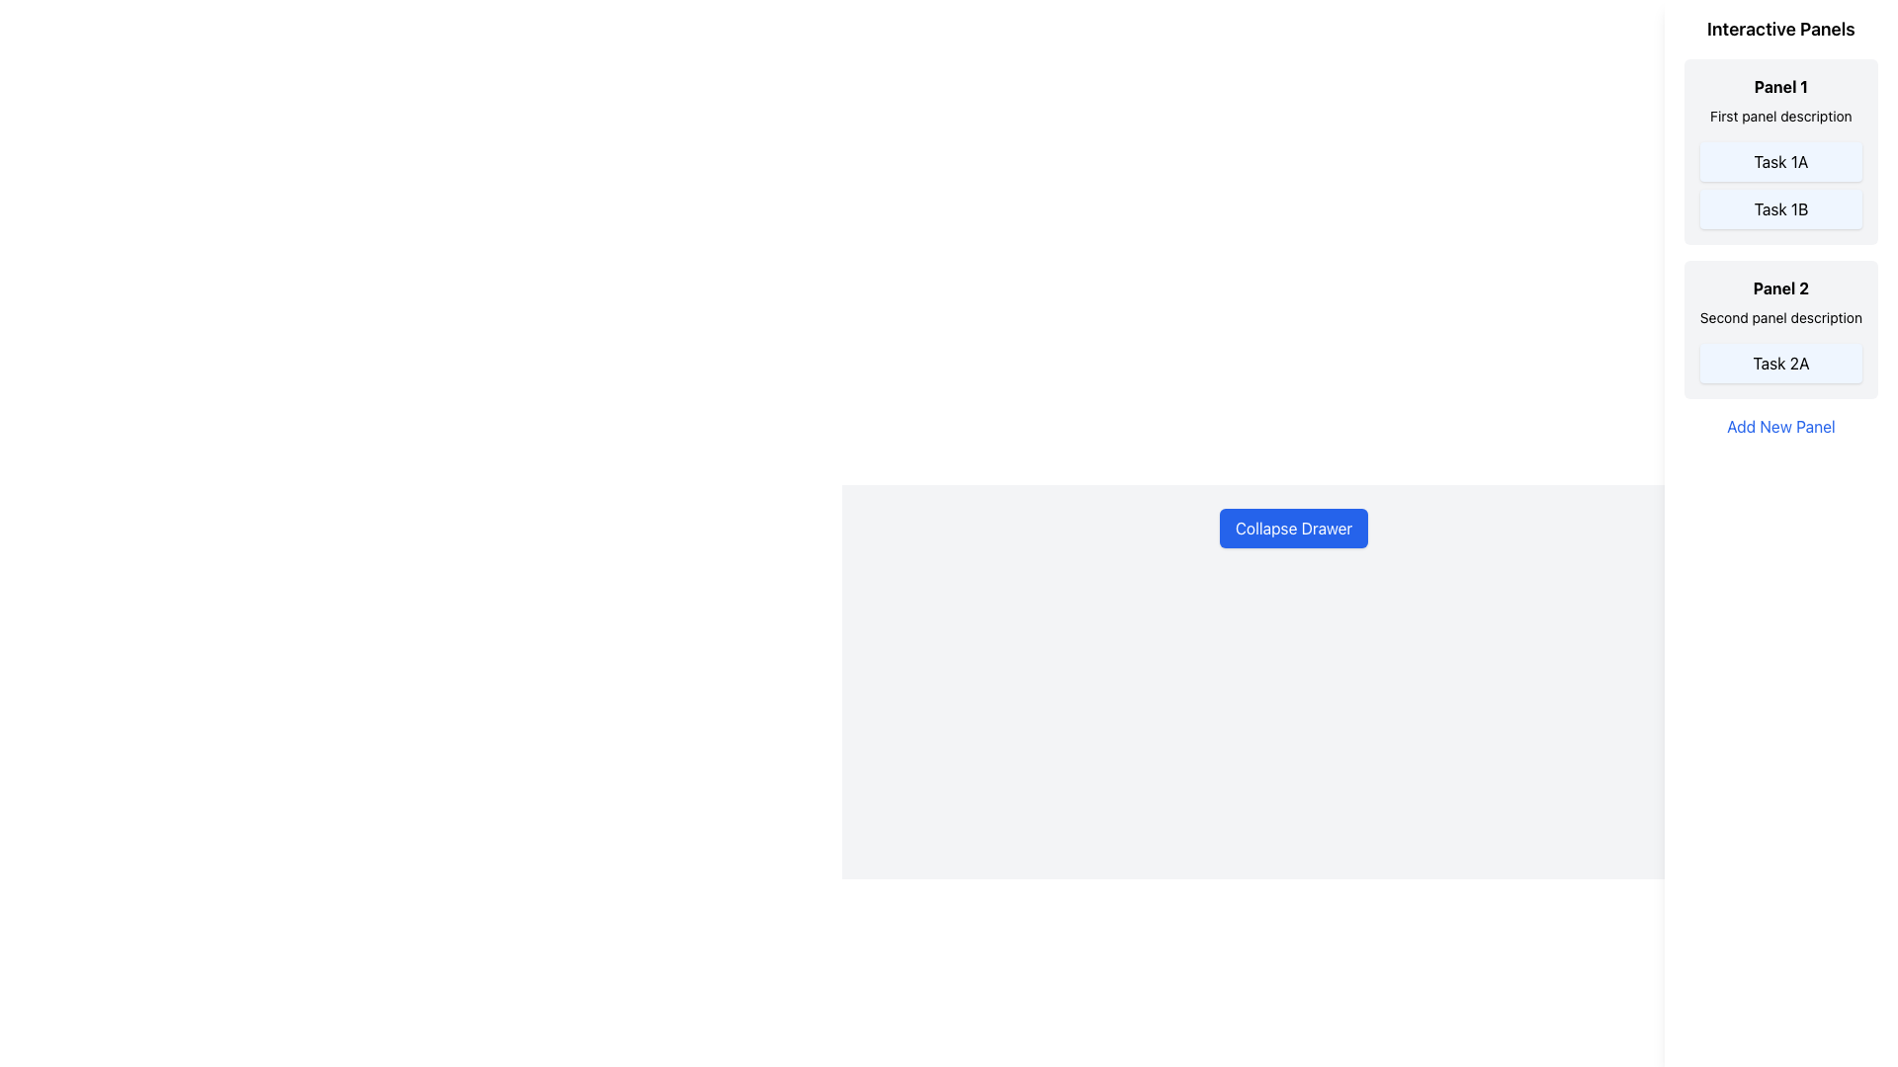  Describe the element at coordinates (1293, 528) in the screenshot. I see `the blue rectangular button labeled 'Collapse Drawer'` at that location.